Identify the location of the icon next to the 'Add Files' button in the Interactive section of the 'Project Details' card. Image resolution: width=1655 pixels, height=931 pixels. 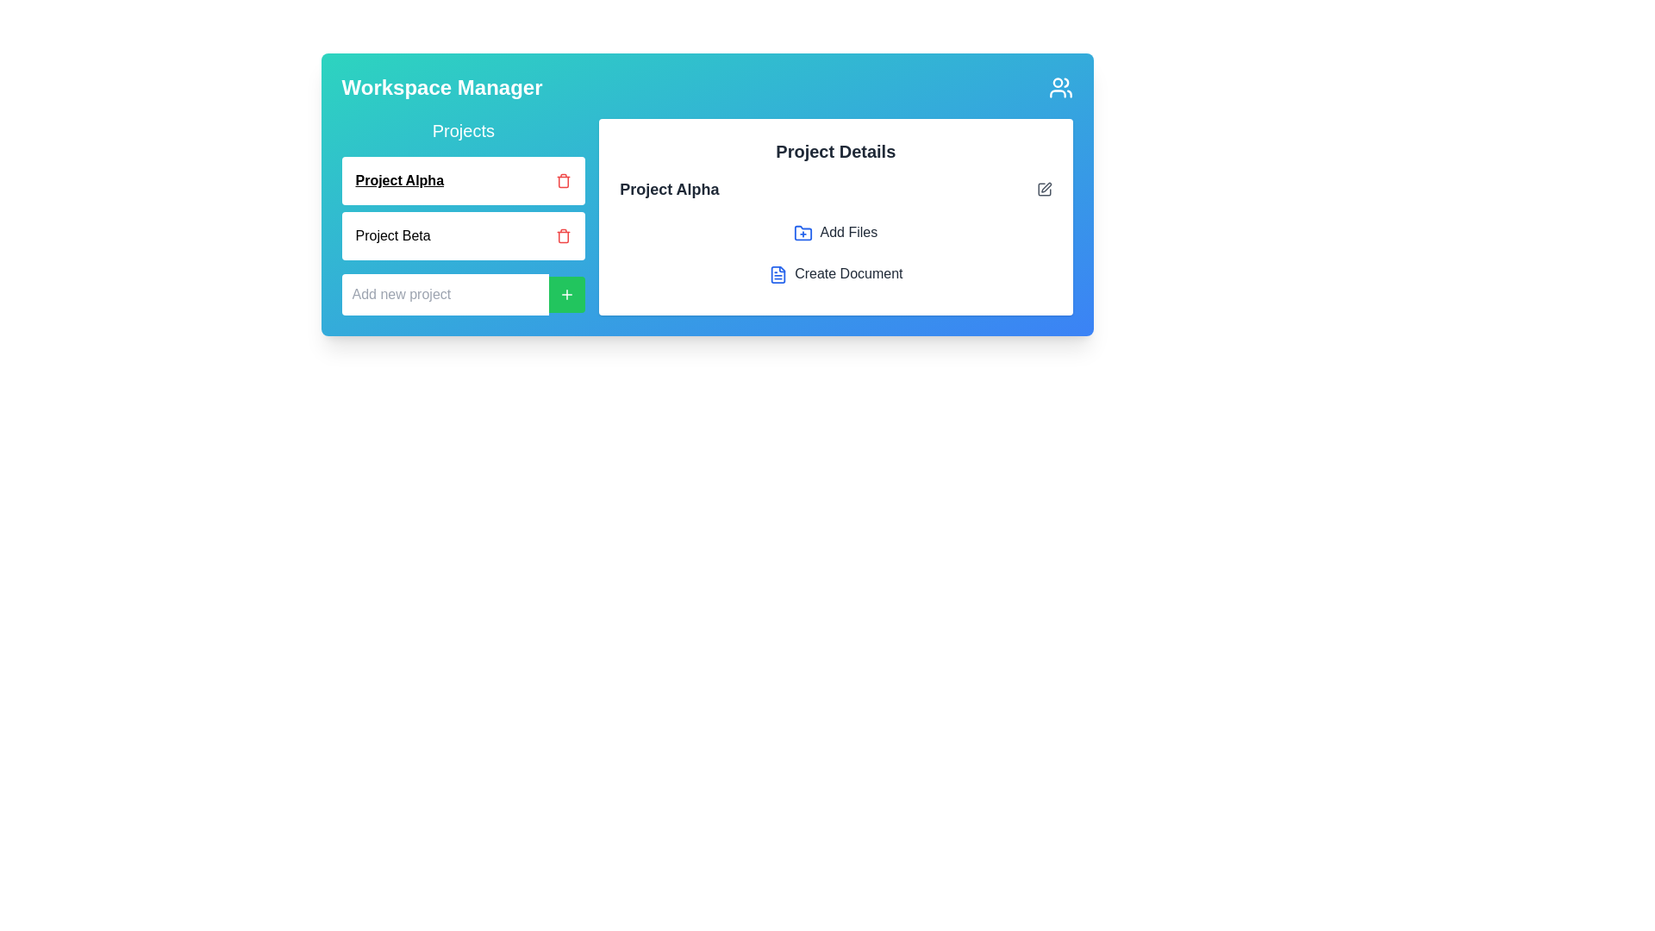
(835, 229).